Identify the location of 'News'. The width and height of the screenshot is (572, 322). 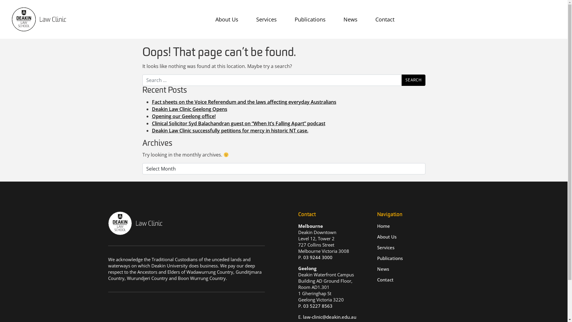
(383, 269).